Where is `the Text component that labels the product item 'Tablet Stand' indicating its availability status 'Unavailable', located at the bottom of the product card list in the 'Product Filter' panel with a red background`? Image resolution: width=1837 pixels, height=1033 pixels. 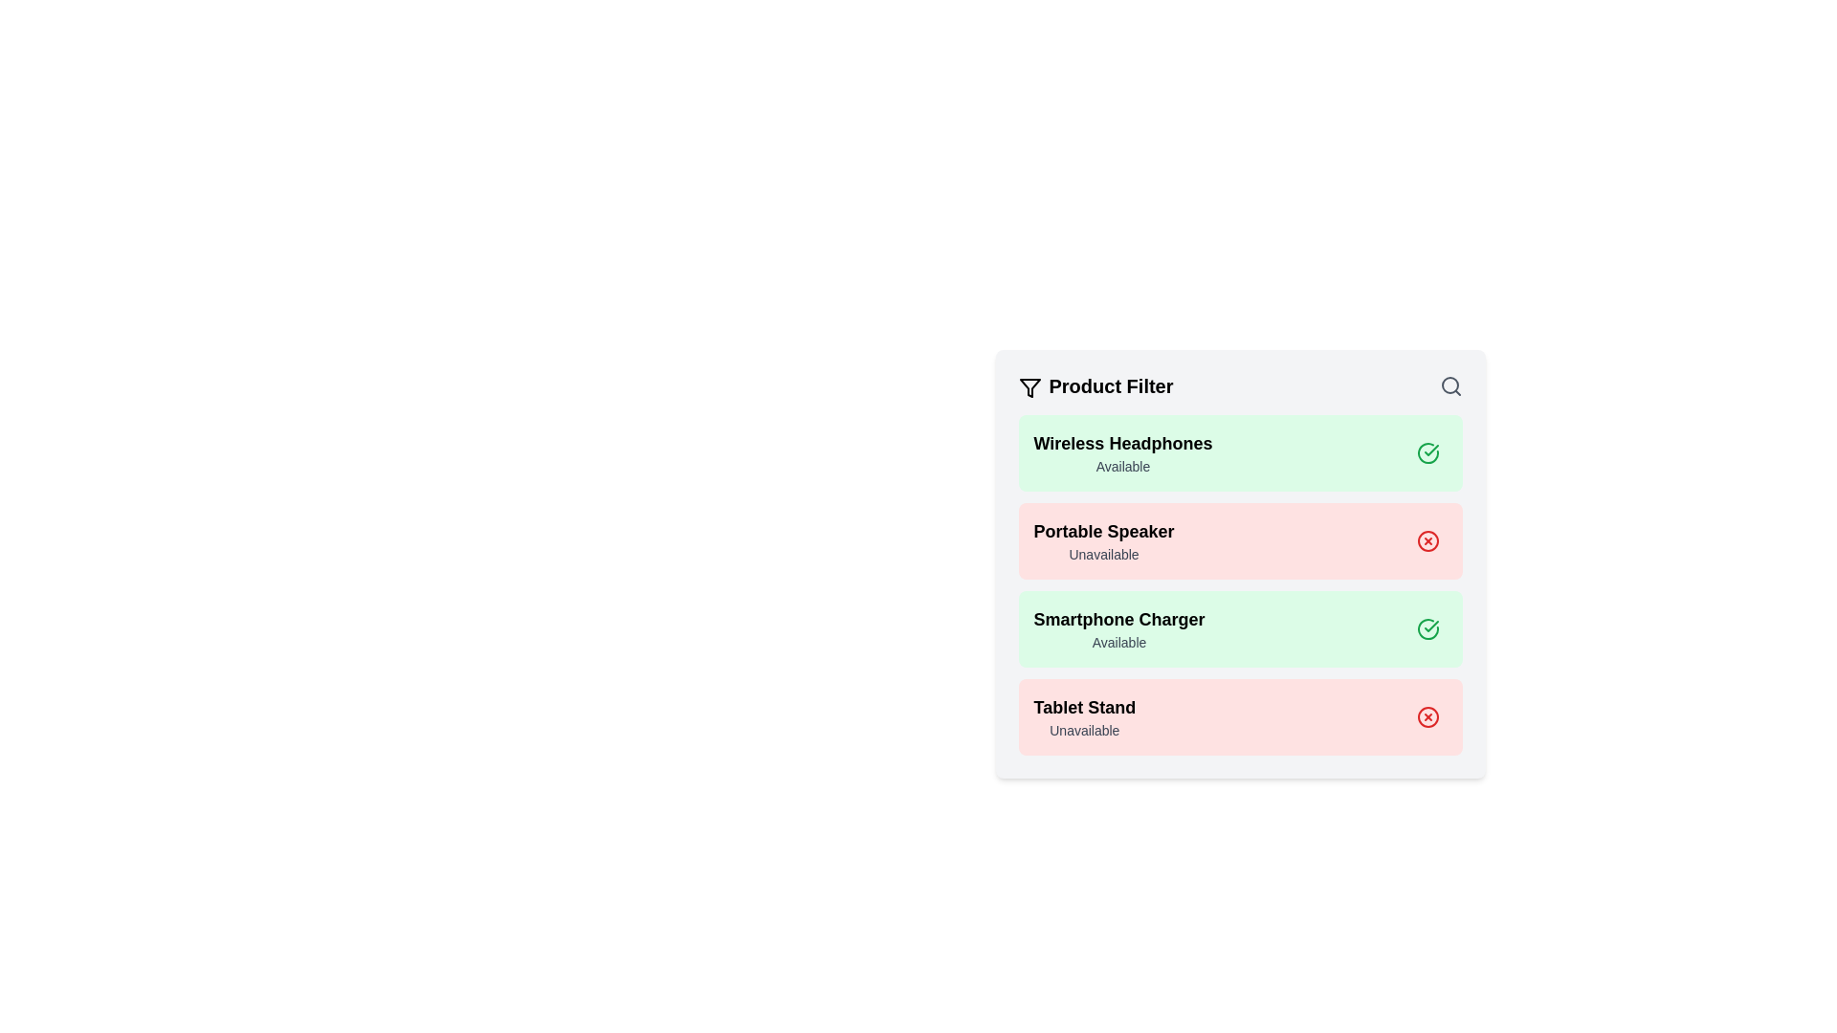 the Text component that labels the product item 'Tablet Stand' indicating its availability status 'Unavailable', located at the bottom of the product card list in the 'Product Filter' panel with a red background is located at coordinates (1084, 716).